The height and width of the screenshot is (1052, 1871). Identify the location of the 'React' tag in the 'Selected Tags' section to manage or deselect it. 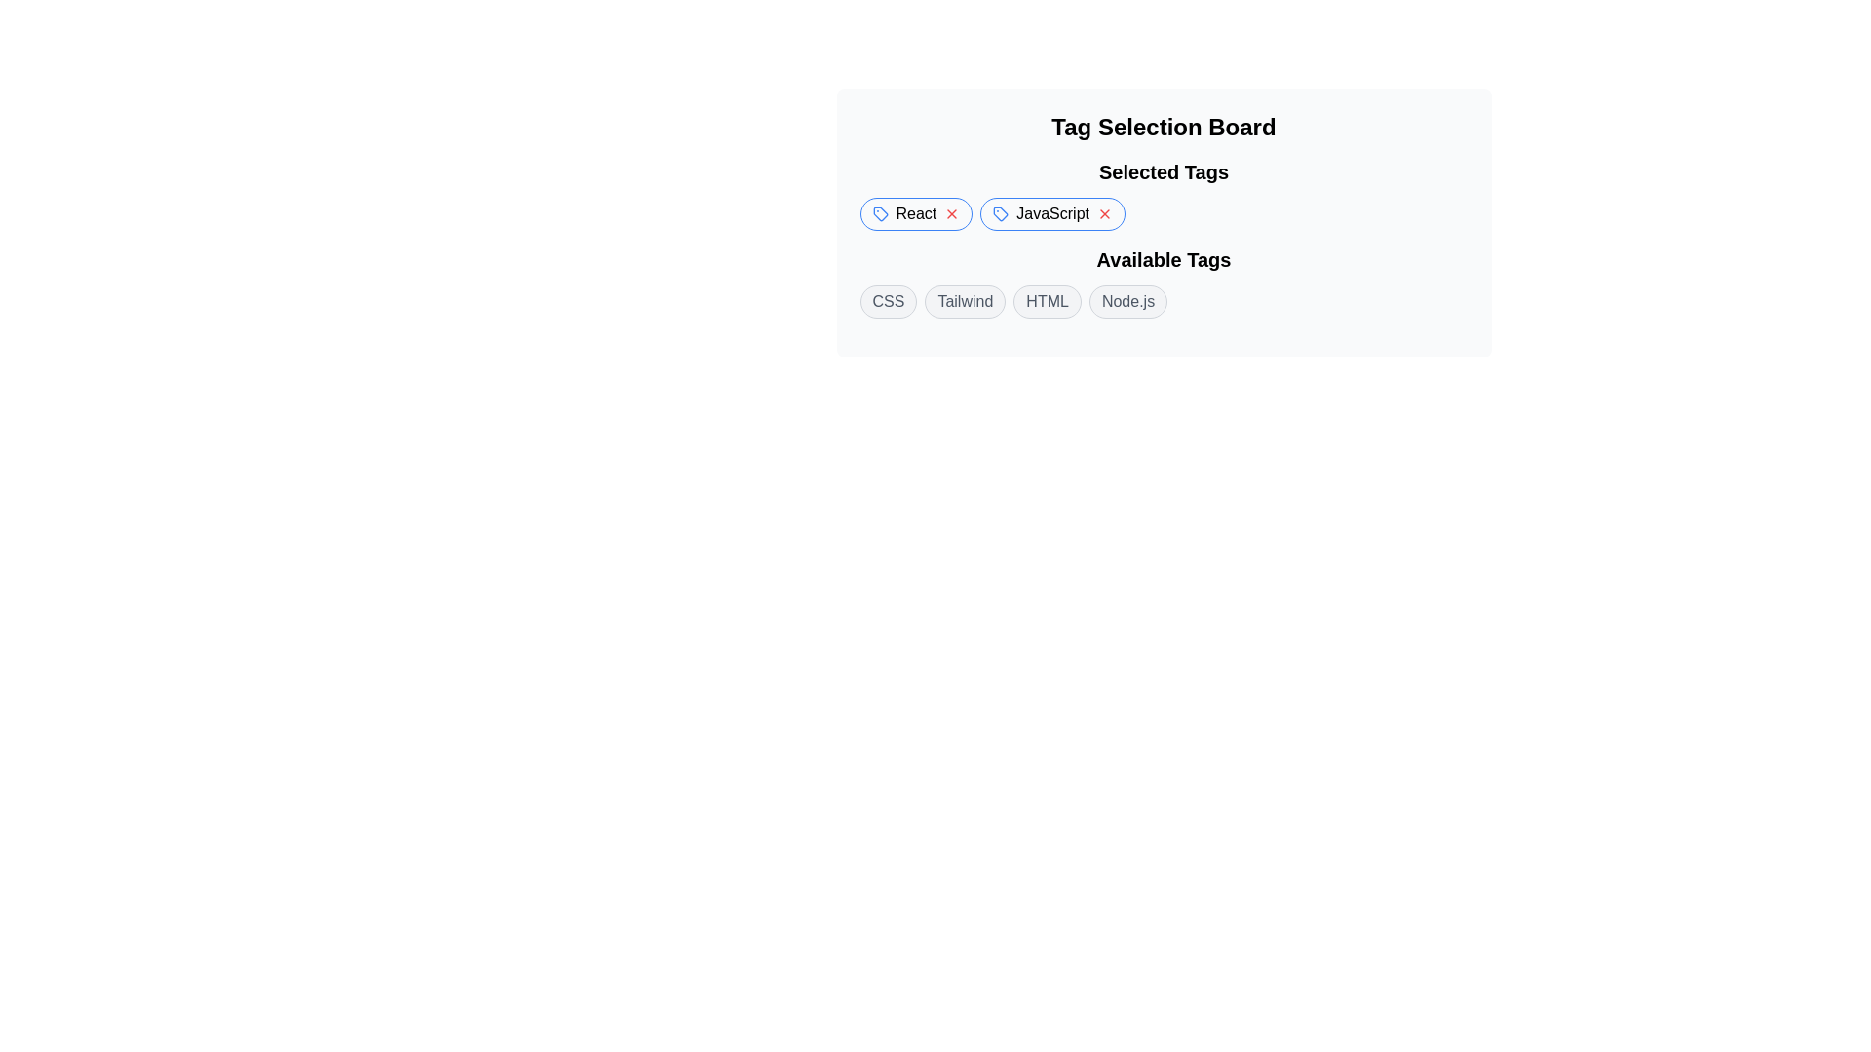
(915, 213).